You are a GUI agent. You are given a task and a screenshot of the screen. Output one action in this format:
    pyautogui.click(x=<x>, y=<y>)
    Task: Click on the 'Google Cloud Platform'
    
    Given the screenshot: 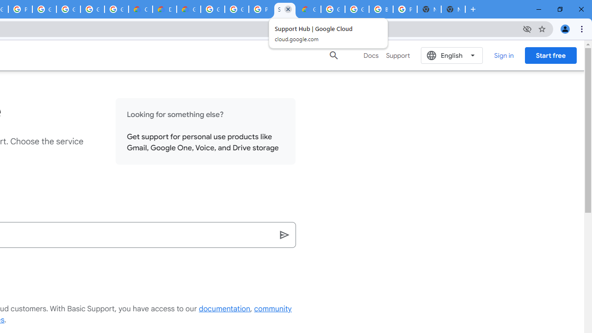 What is the action you would take?
    pyautogui.click(x=356, y=9)
    